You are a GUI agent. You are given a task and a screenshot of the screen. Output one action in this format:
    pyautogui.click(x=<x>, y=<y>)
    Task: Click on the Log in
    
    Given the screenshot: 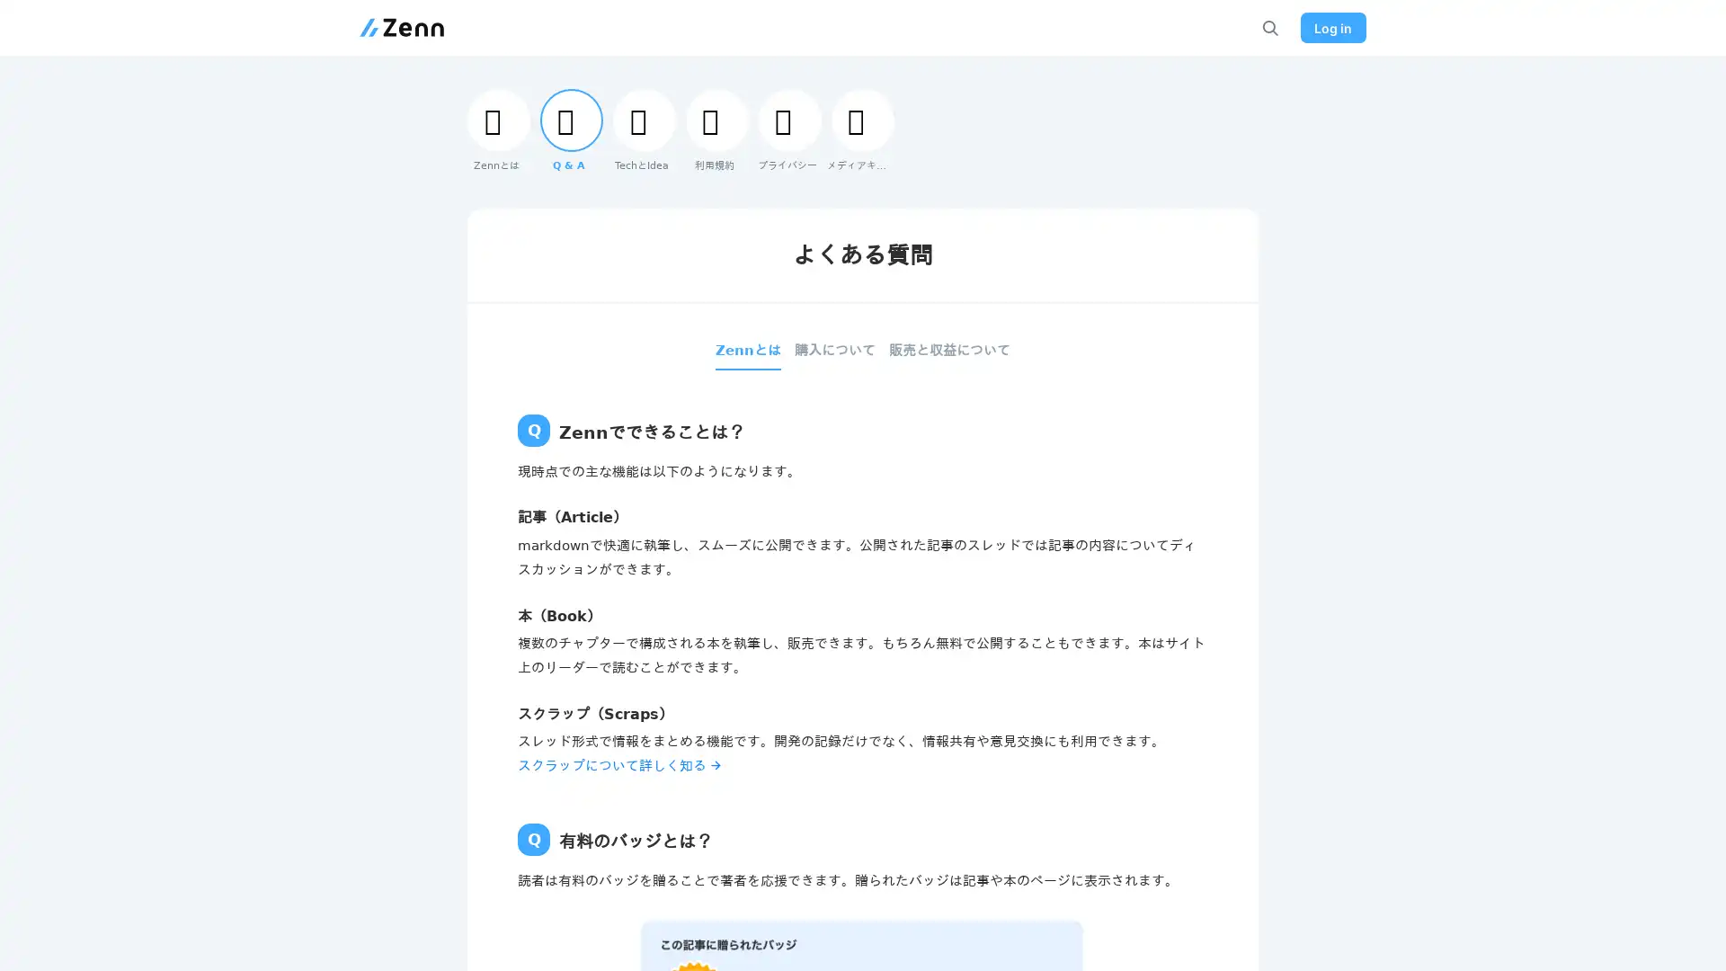 What is the action you would take?
    pyautogui.click(x=1330, y=27)
    